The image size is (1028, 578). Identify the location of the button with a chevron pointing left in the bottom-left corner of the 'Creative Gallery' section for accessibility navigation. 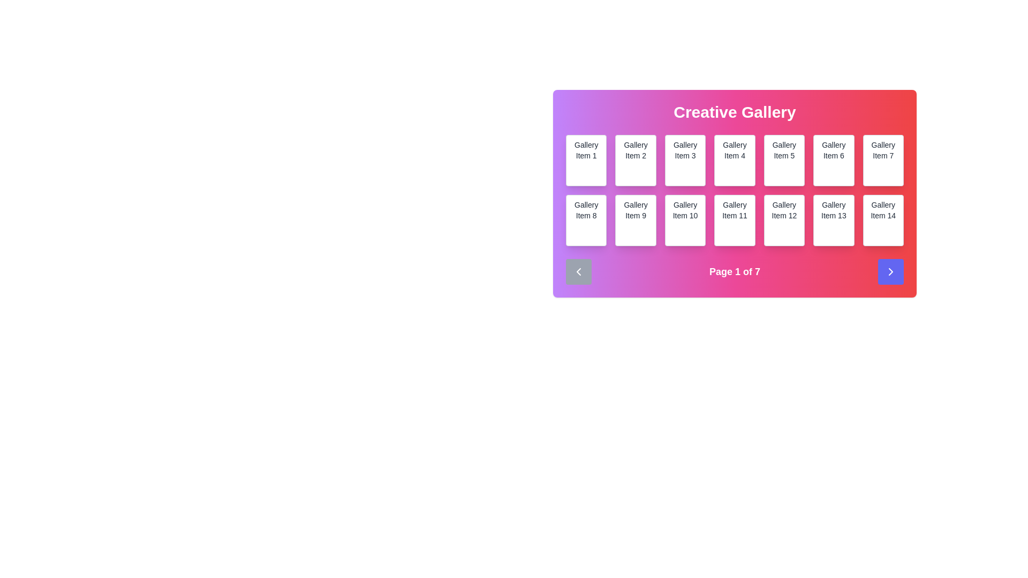
(578, 271).